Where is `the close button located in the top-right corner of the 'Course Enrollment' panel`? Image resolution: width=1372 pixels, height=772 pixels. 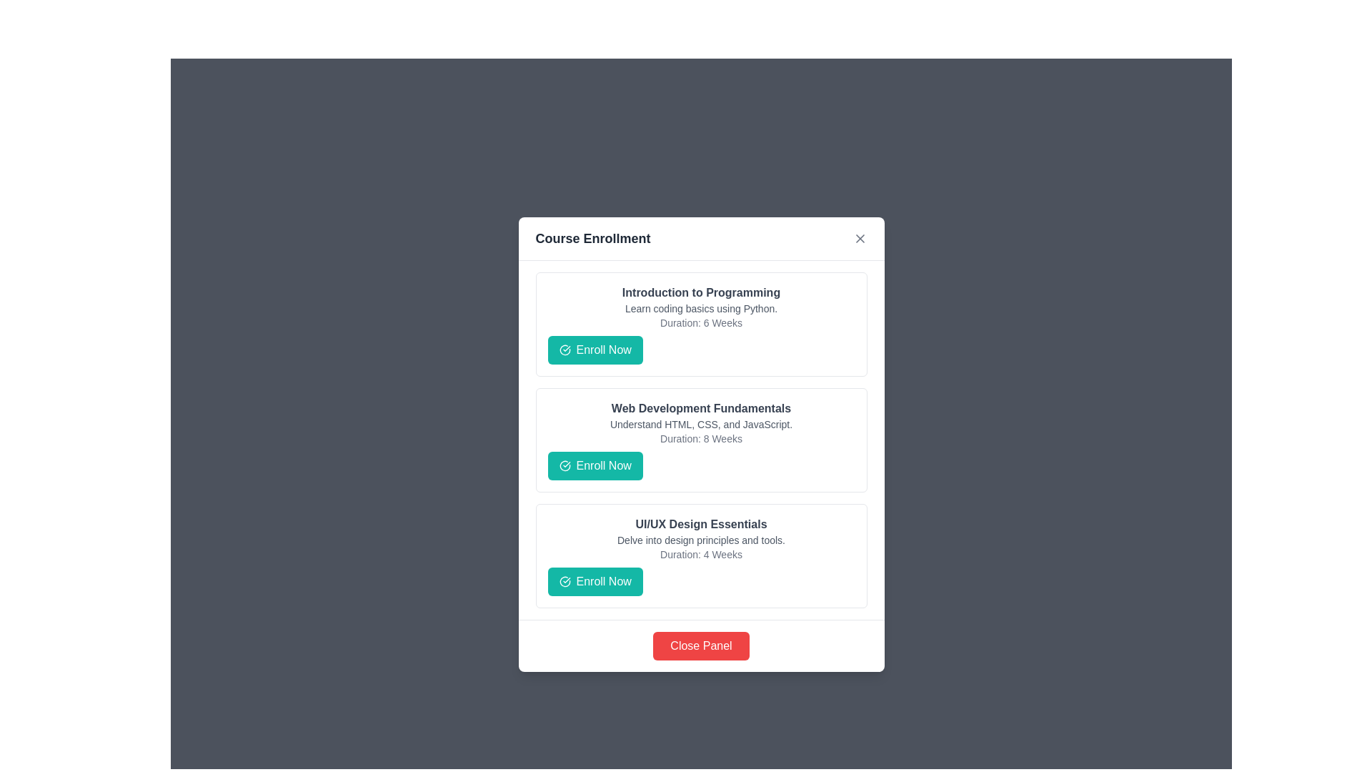 the close button located in the top-right corner of the 'Course Enrollment' panel is located at coordinates (859, 238).